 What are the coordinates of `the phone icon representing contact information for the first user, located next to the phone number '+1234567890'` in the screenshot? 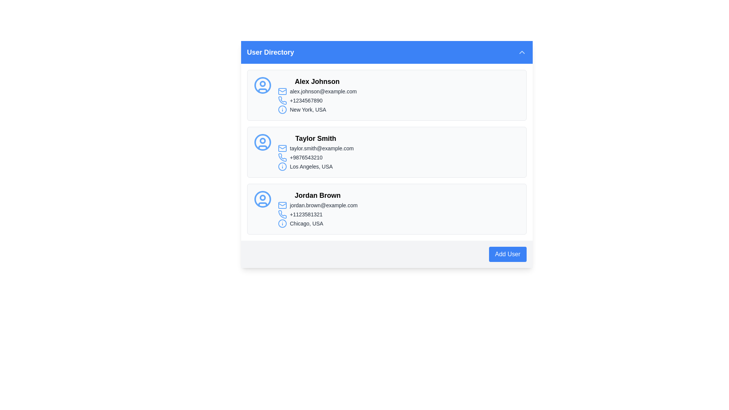 It's located at (282, 100).